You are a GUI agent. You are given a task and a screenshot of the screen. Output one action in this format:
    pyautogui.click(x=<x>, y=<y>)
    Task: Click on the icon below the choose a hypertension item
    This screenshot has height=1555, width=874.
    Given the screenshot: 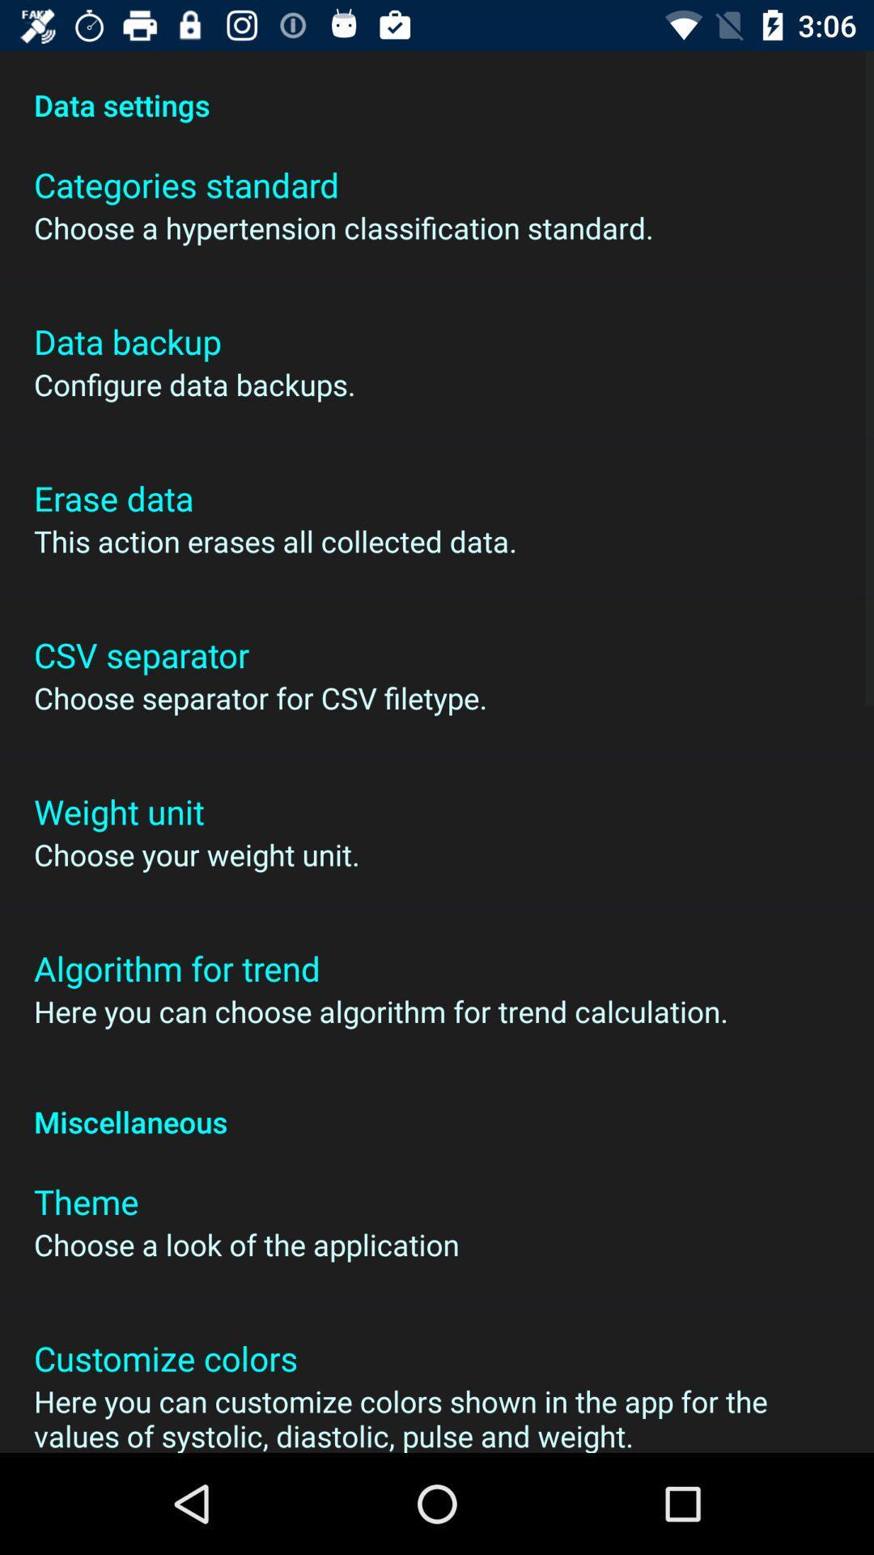 What is the action you would take?
    pyautogui.click(x=126, y=340)
    